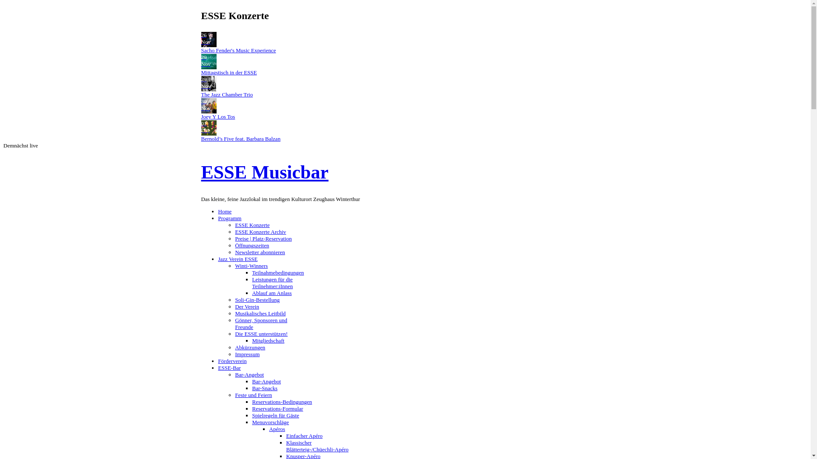 The height and width of the screenshot is (459, 817). I want to click on 'Reservations-Bedingungen', so click(282, 402).